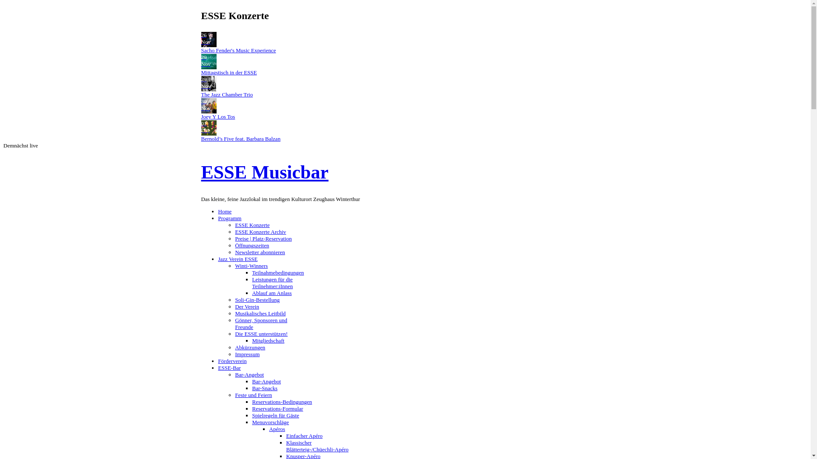 The height and width of the screenshot is (459, 817). I want to click on 'Reservations-Bedingungen', so click(282, 402).